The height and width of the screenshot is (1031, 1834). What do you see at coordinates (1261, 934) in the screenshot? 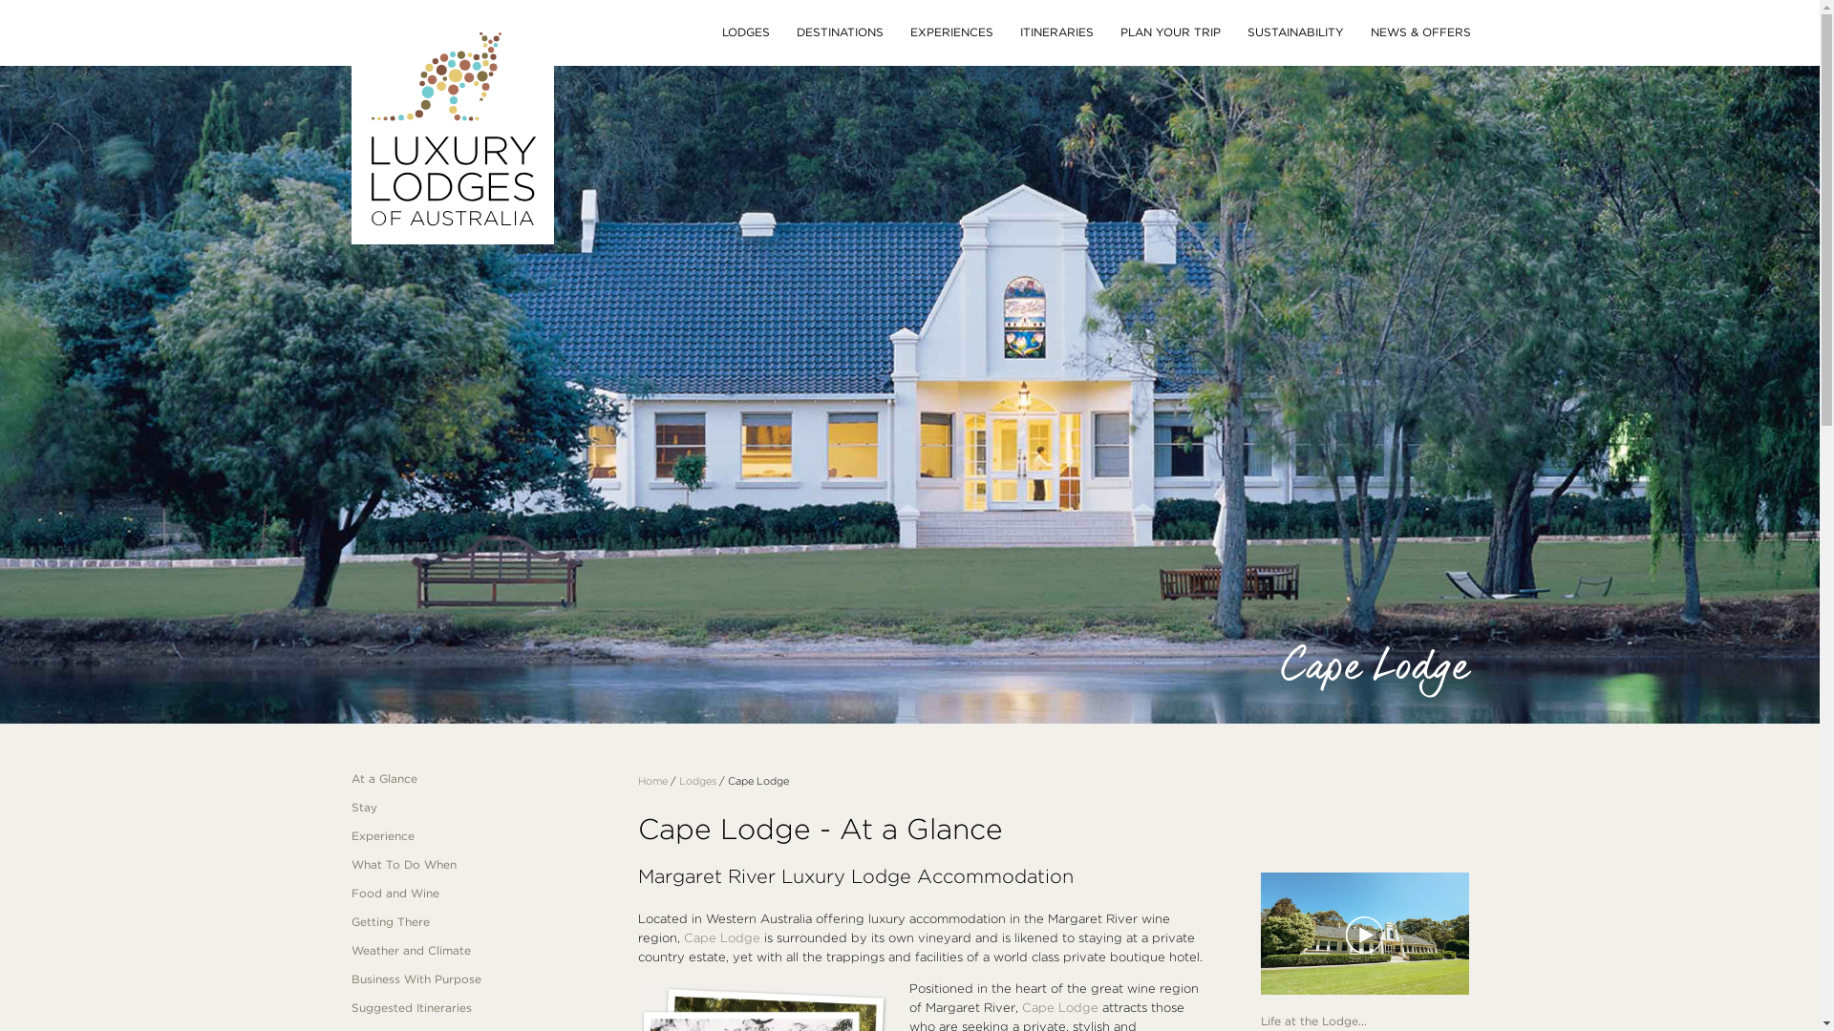
I see `'popup-video'` at bounding box center [1261, 934].